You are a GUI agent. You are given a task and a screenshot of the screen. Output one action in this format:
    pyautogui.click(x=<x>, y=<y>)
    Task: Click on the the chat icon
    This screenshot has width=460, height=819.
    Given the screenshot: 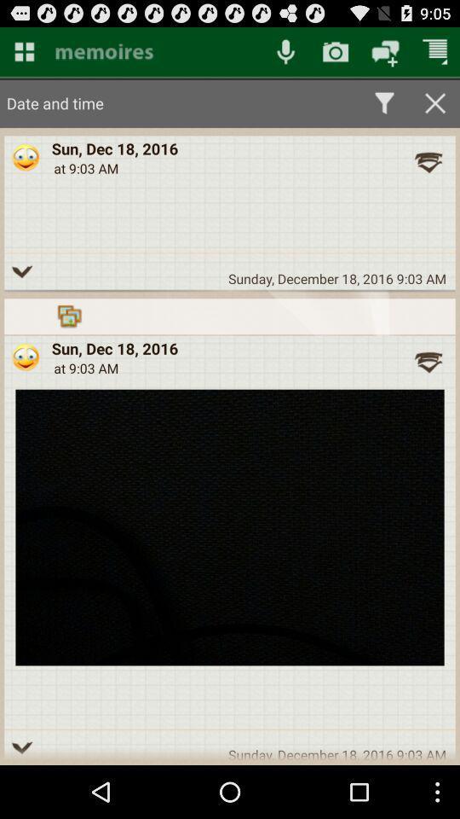 What is the action you would take?
    pyautogui.click(x=385, y=55)
    